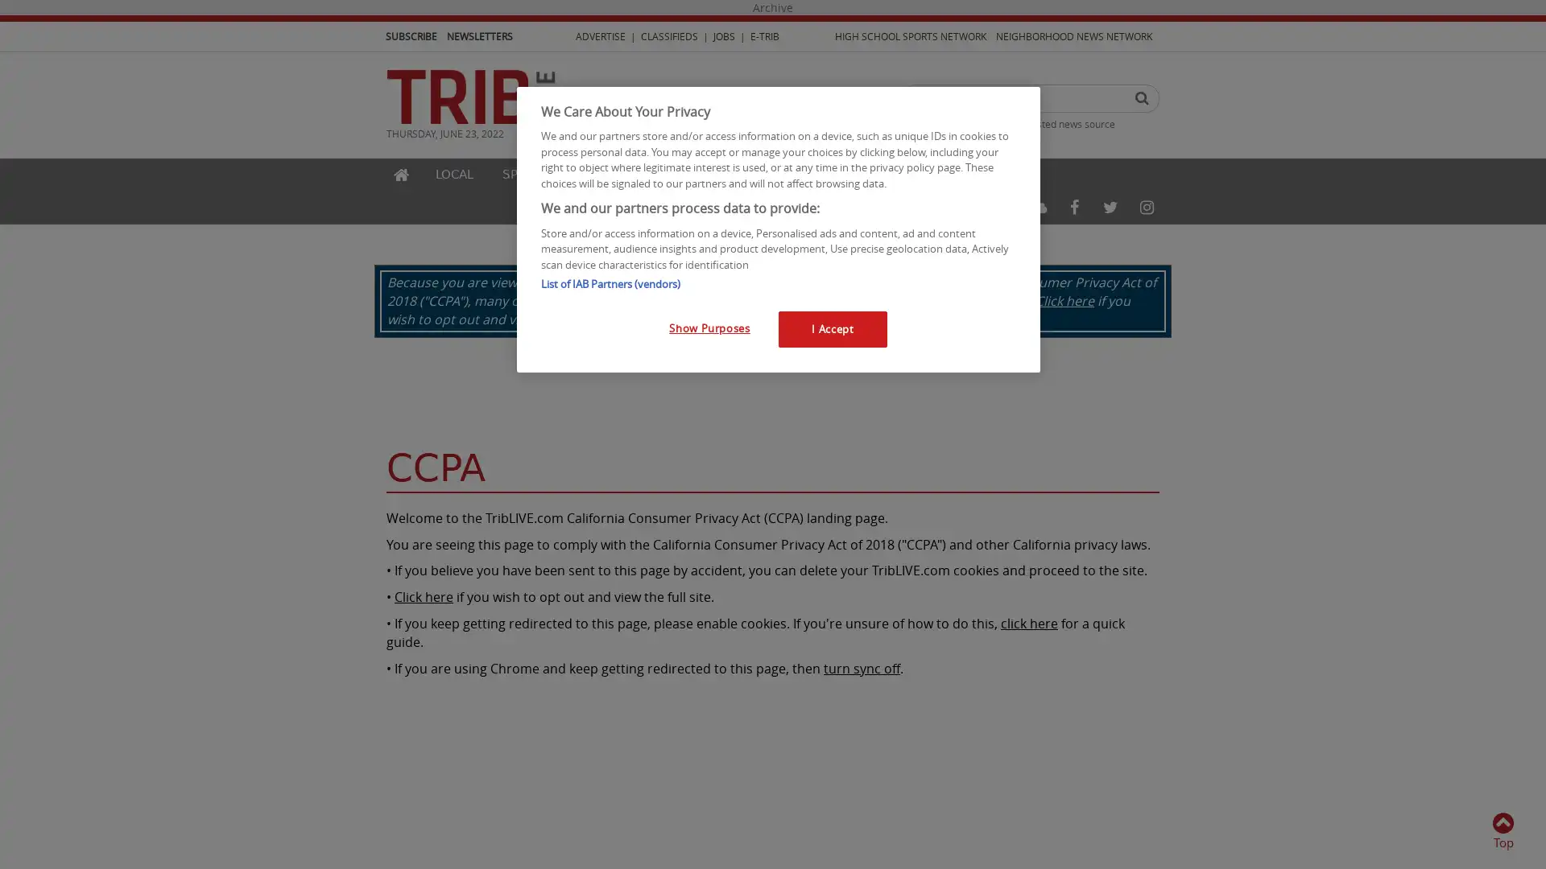  What do you see at coordinates (713, 327) in the screenshot?
I see `Show Purposes` at bounding box center [713, 327].